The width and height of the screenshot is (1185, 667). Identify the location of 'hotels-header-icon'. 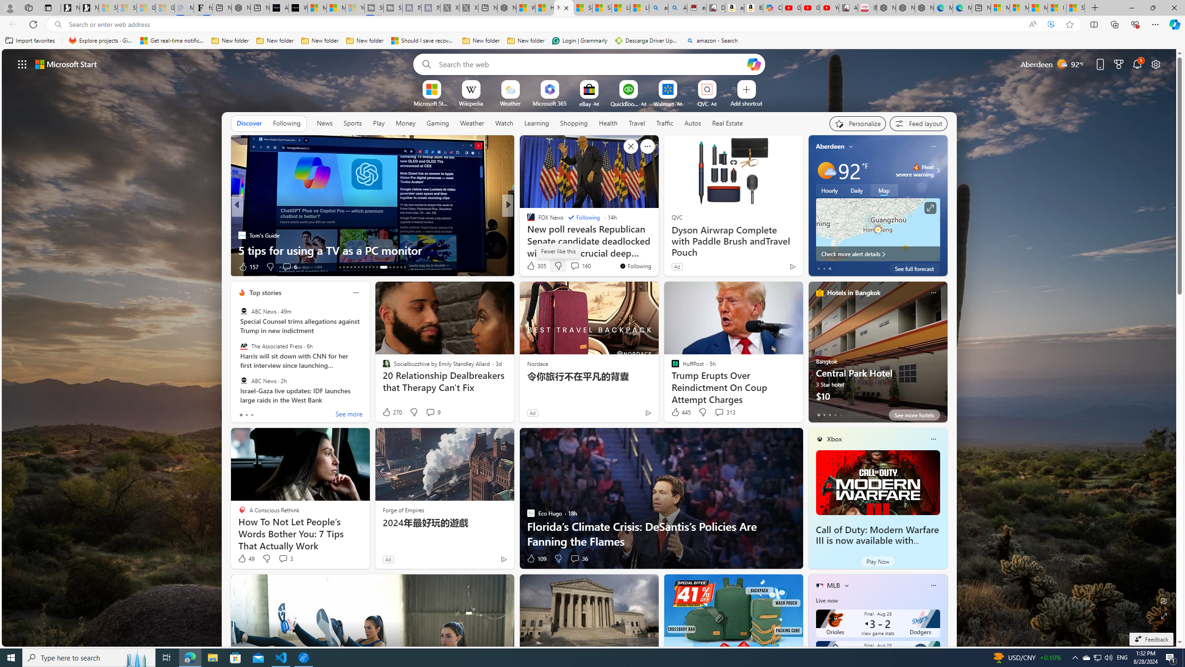
(819, 292).